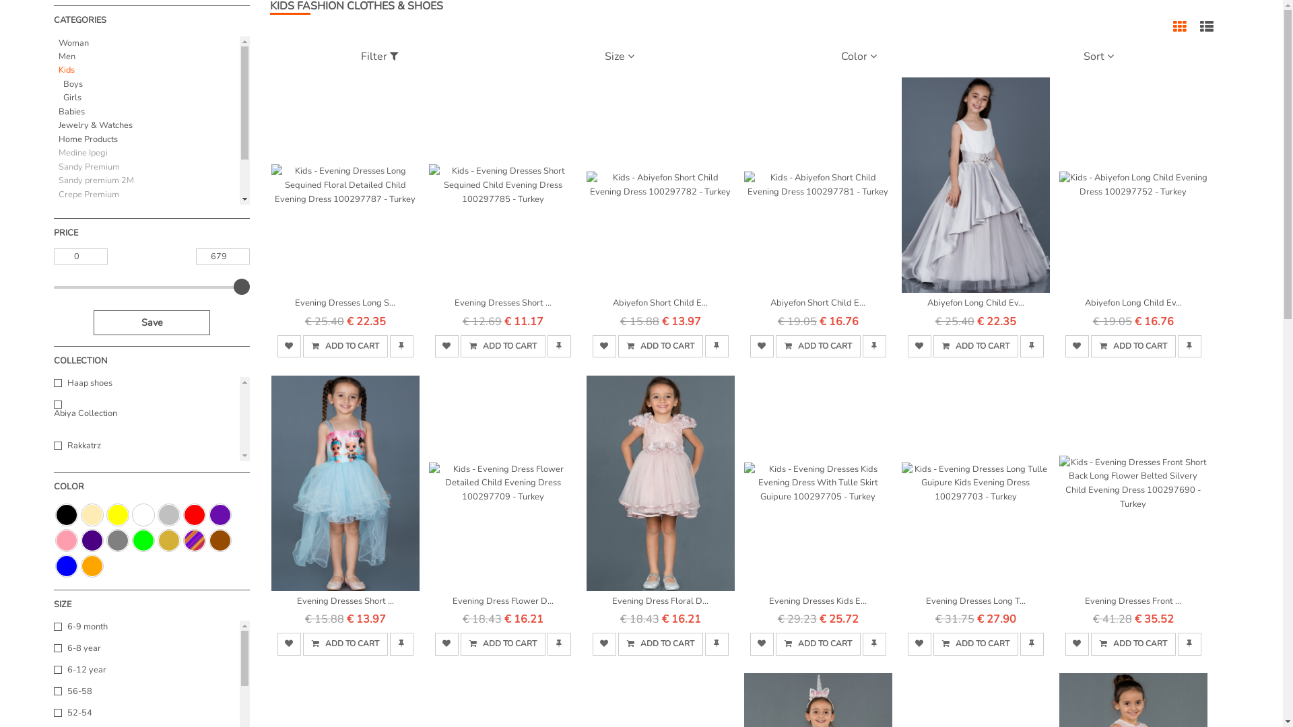 The width and height of the screenshot is (1293, 727). I want to click on 'Size', so click(598, 56).